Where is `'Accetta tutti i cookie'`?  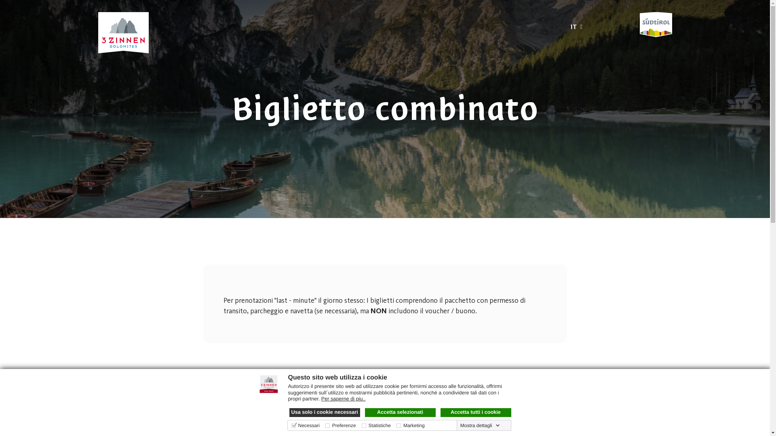 'Accetta tutti i cookie' is located at coordinates (440, 413).